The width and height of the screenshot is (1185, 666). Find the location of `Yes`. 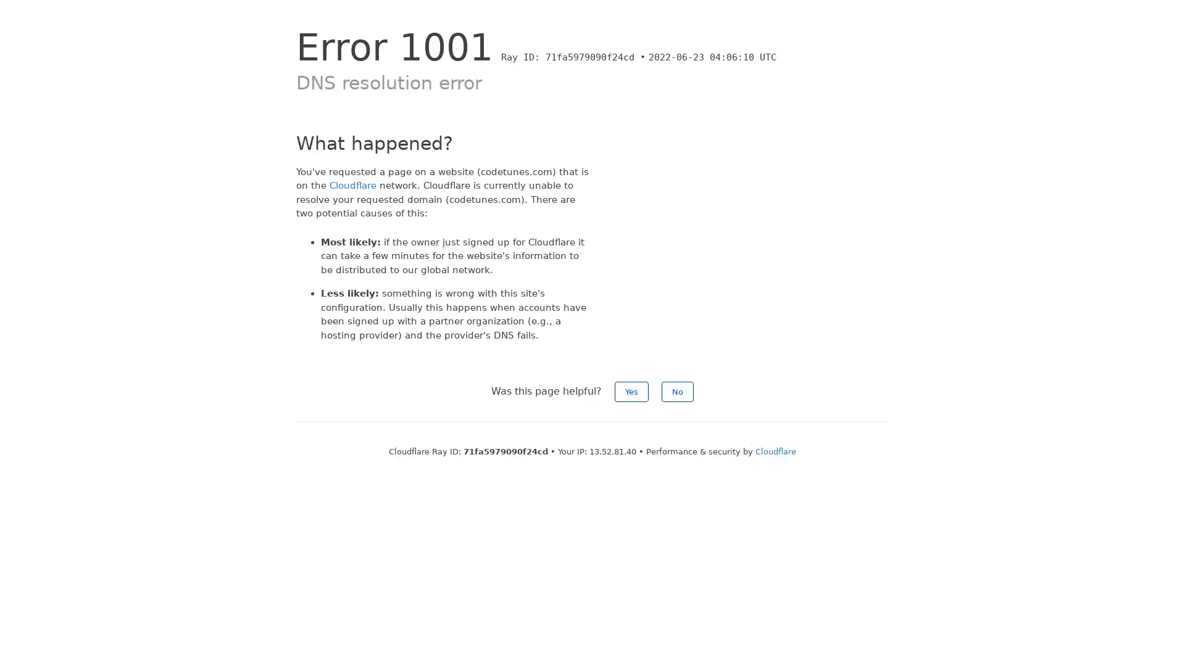

Yes is located at coordinates (631, 392).